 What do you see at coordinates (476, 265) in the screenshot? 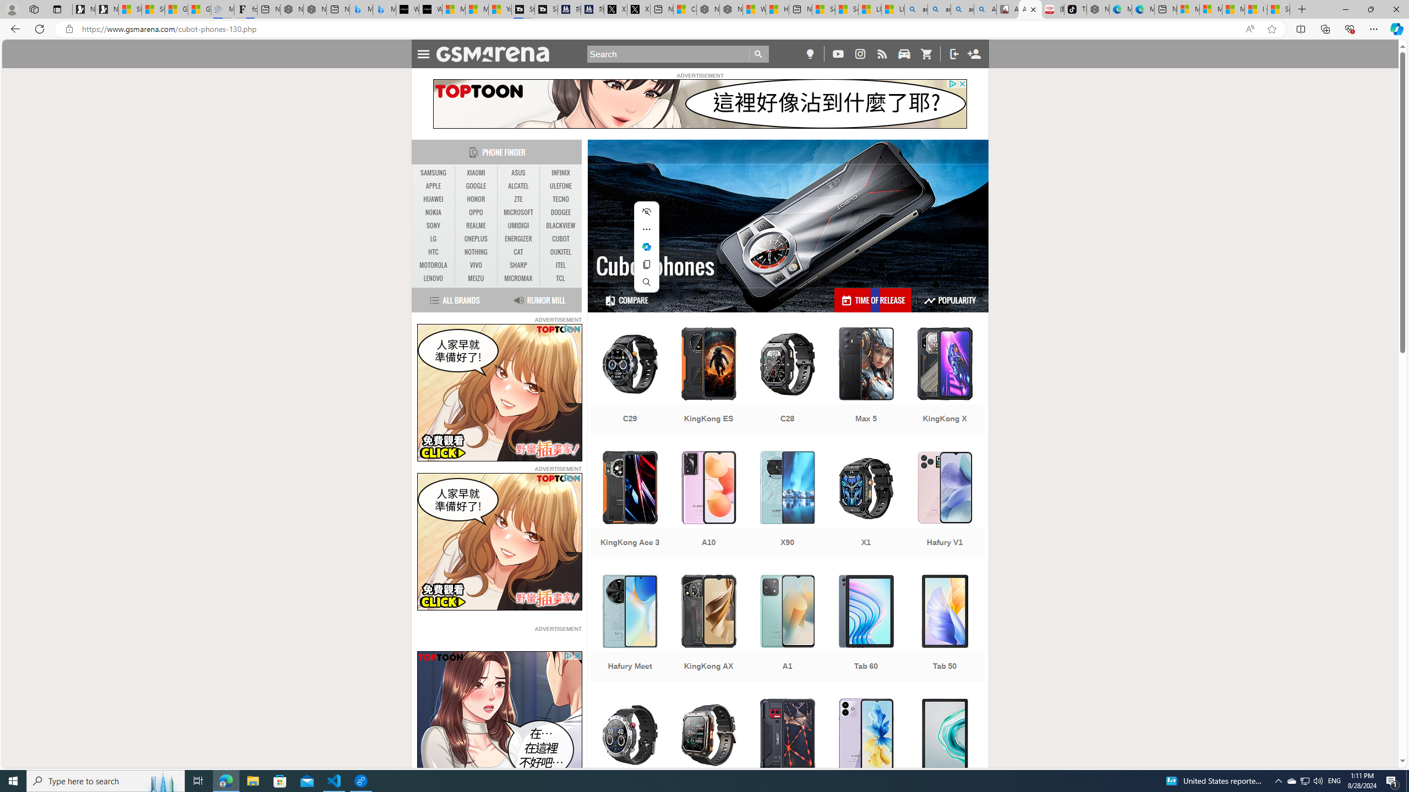
I see `'VIVO'` at bounding box center [476, 265].